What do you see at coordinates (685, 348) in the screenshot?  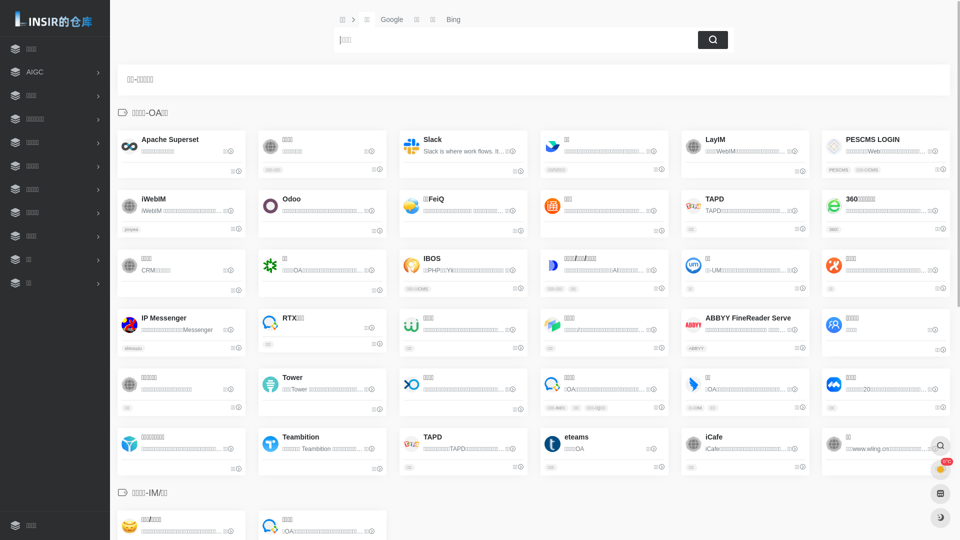 I see `'ABBYY'` at bounding box center [685, 348].